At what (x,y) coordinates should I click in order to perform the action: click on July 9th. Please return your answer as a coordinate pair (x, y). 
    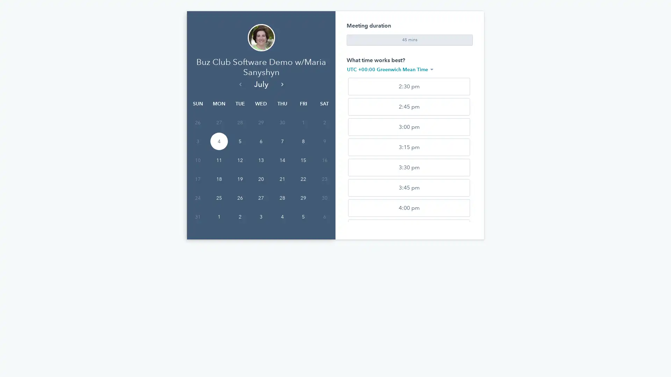
    Looking at the image, I should click on (324, 168).